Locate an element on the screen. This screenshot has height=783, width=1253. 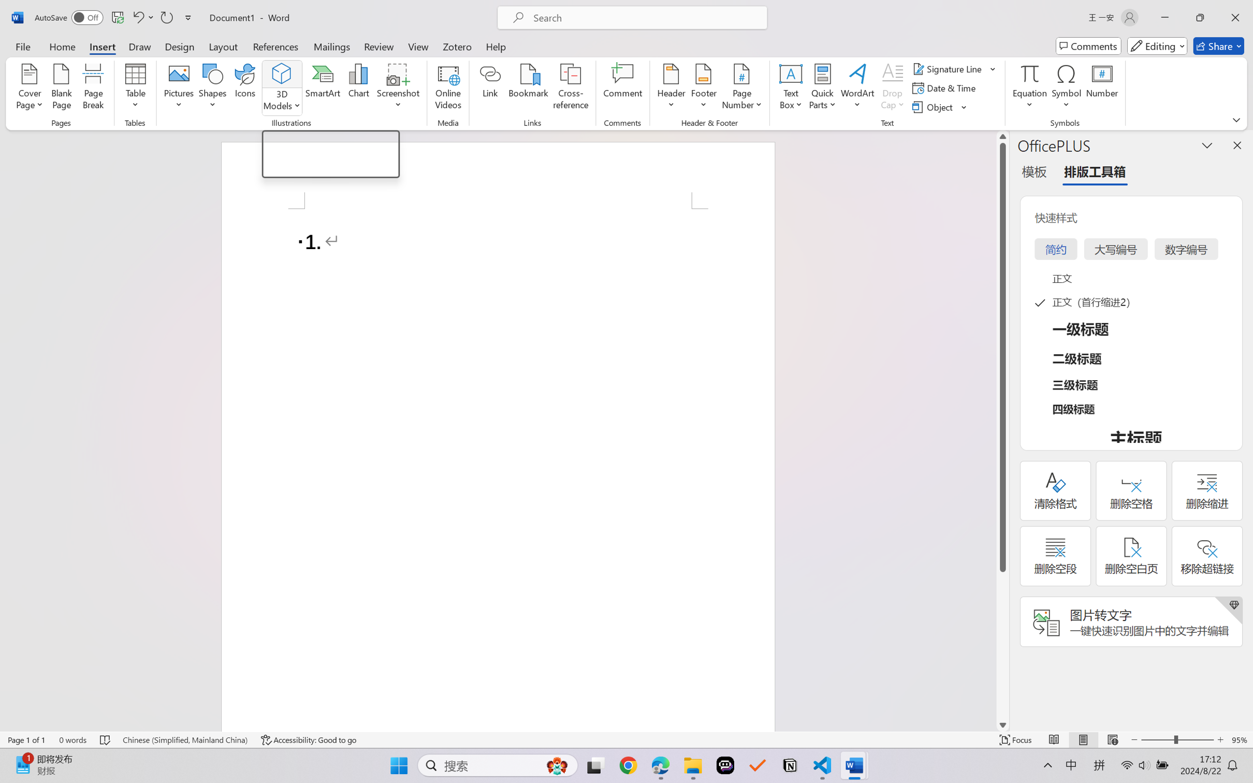
'Line down' is located at coordinates (1002, 724).